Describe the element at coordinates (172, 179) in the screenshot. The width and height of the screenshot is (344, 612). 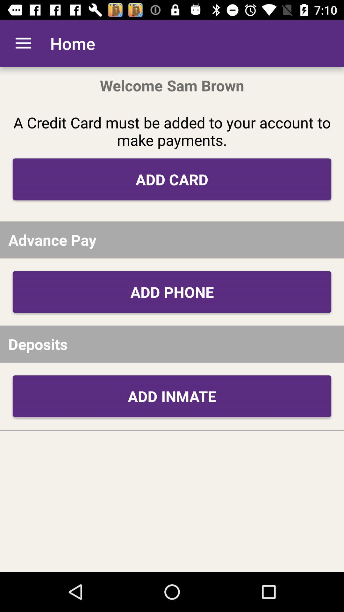
I see `add card` at that location.